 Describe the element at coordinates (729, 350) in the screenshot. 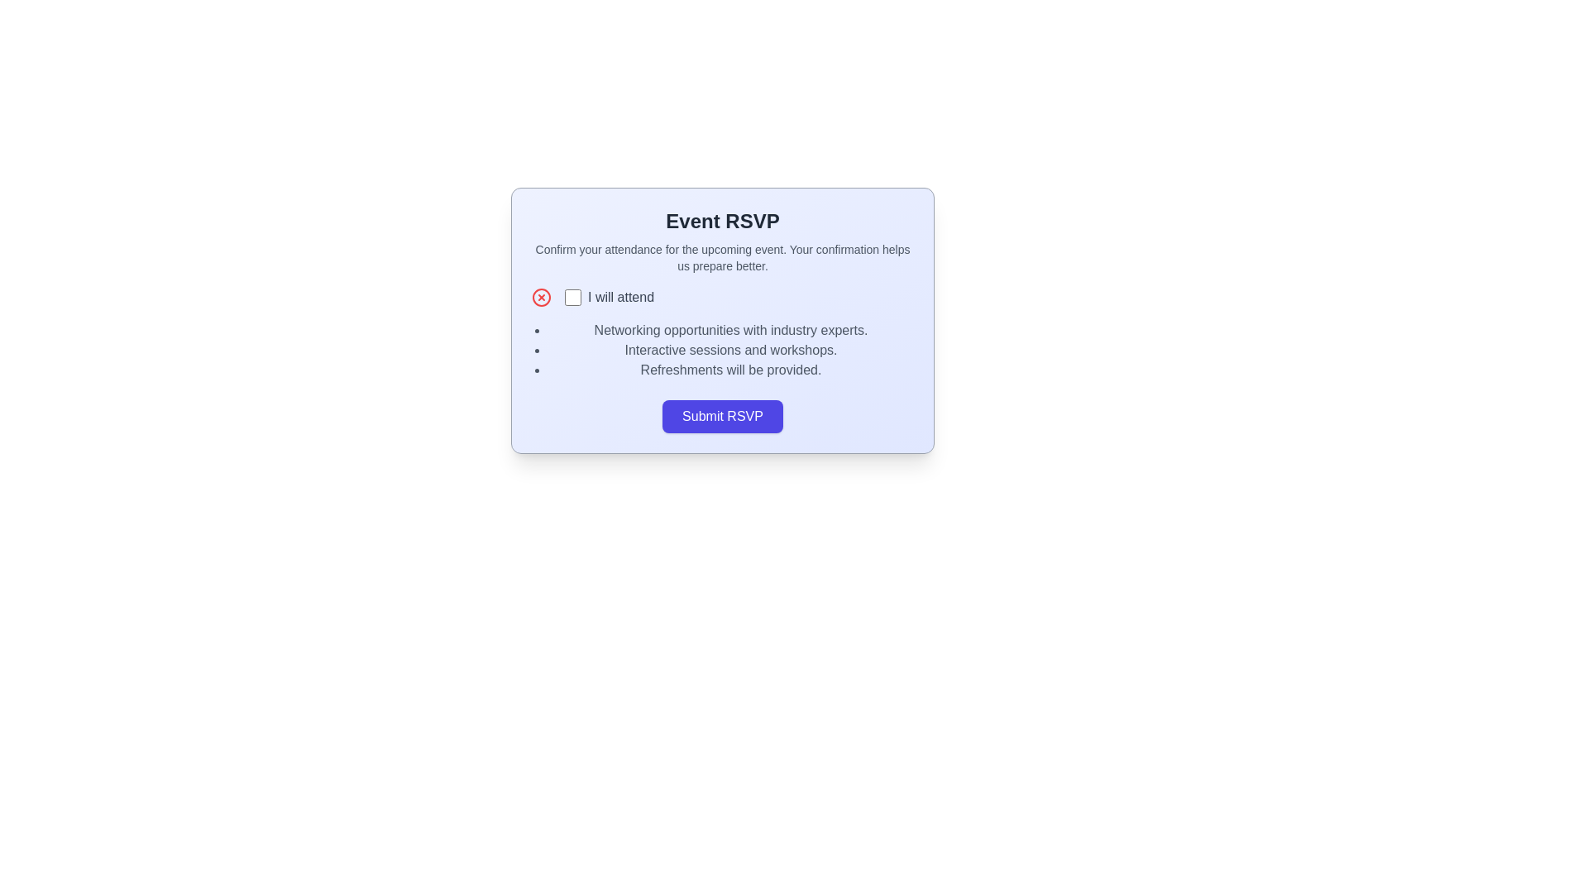

I see `the second item in the bulleted list of the 'Event RSVP' dialog box` at that location.